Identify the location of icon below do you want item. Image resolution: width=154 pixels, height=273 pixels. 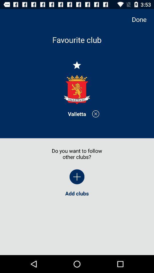
(77, 176).